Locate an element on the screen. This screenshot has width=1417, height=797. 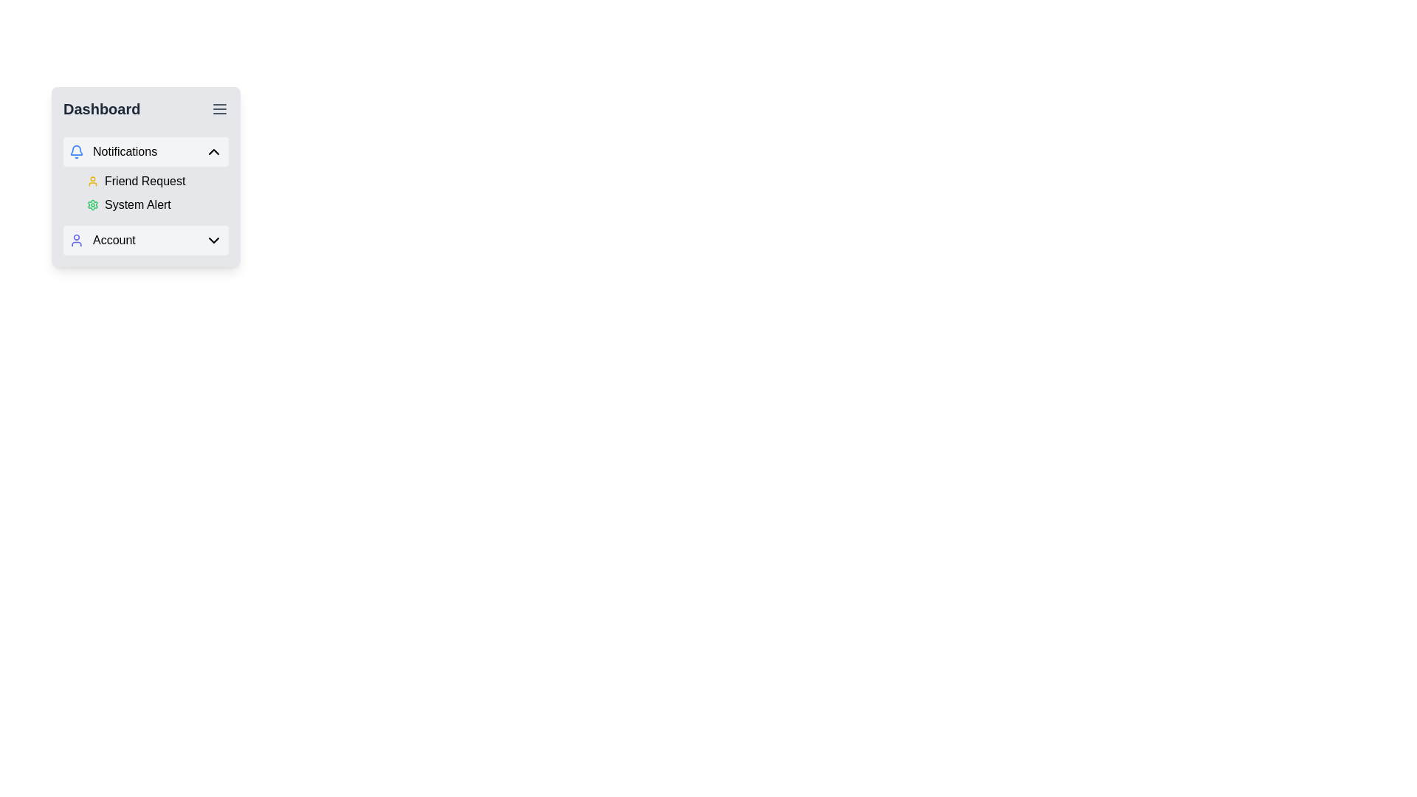
the 'Notifications' button, which serves as a collapsible menu header in the sidebar is located at coordinates (145, 151).